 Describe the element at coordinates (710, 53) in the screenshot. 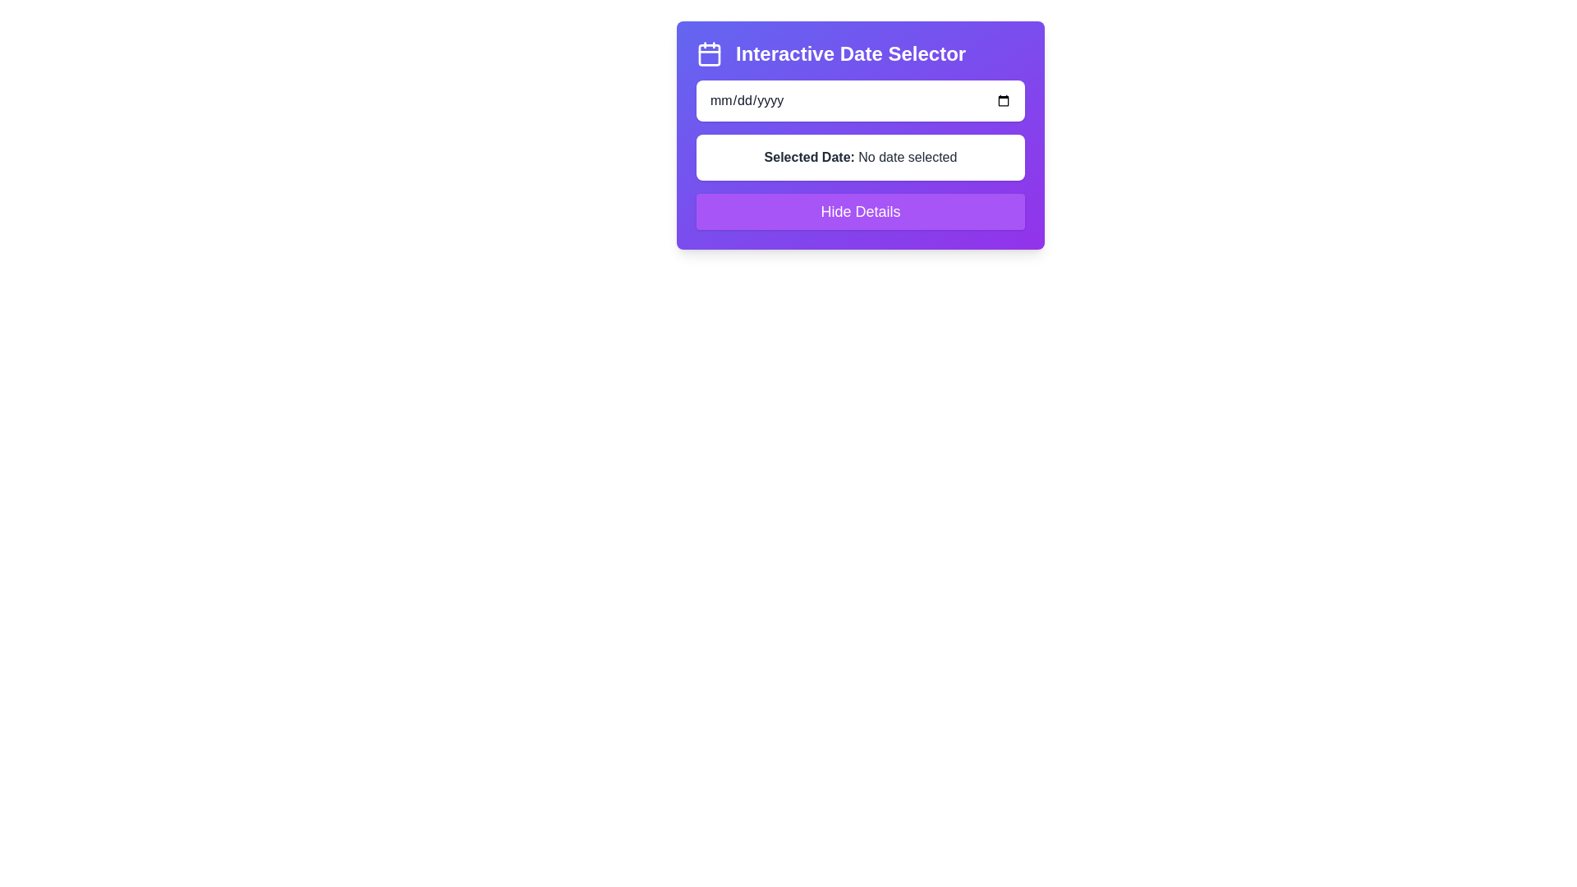

I see `the calendar icon located to the left of the 'Interactive Date Selector' text` at that location.